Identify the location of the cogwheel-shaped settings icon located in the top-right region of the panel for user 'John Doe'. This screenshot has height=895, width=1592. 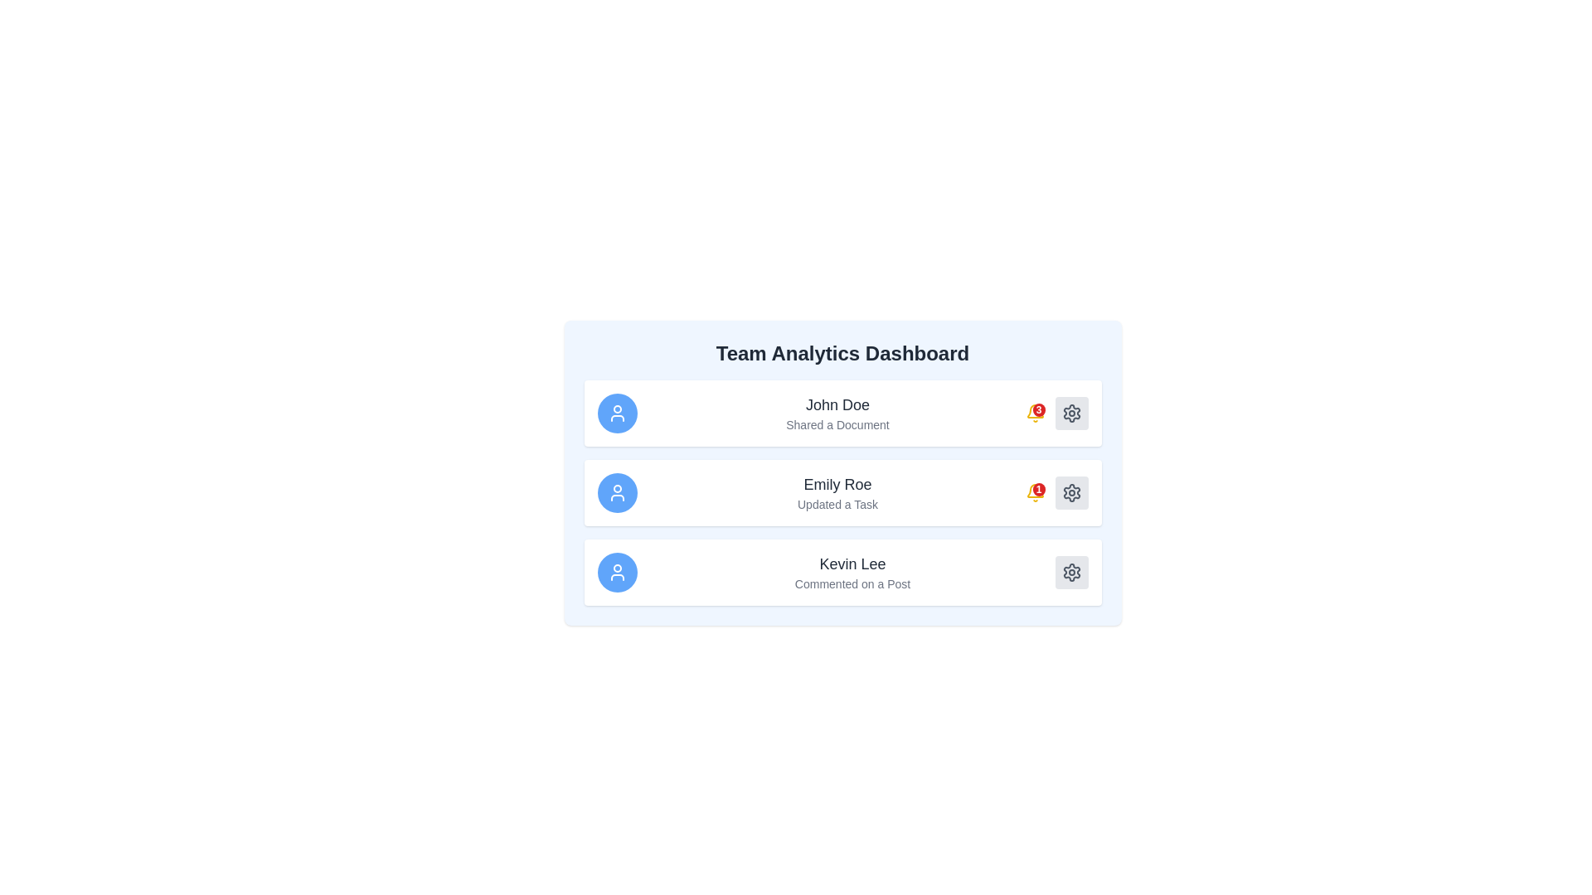
(1071, 412).